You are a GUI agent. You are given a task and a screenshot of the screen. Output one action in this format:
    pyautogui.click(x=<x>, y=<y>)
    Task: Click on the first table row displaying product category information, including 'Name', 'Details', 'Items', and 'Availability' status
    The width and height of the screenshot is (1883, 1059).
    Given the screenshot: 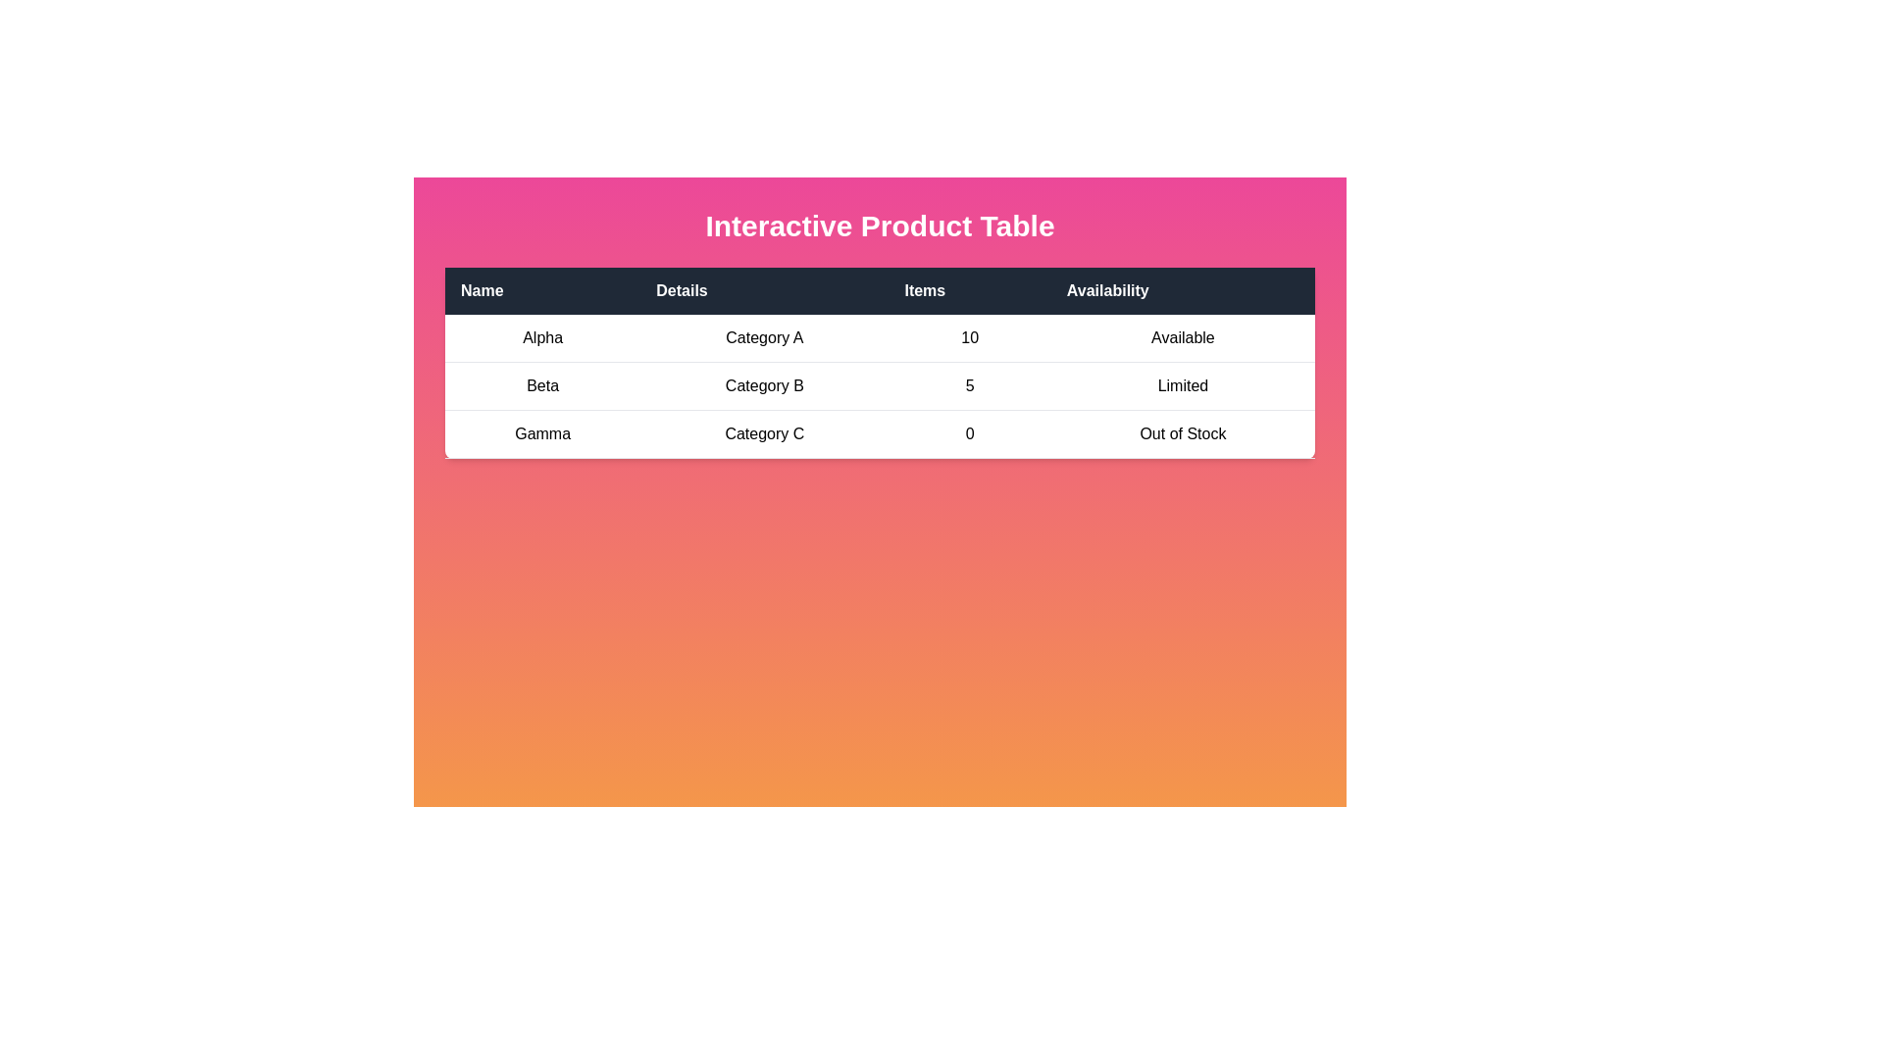 What is the action you would take?
    pyautogui.click(x=879, y=337)
    